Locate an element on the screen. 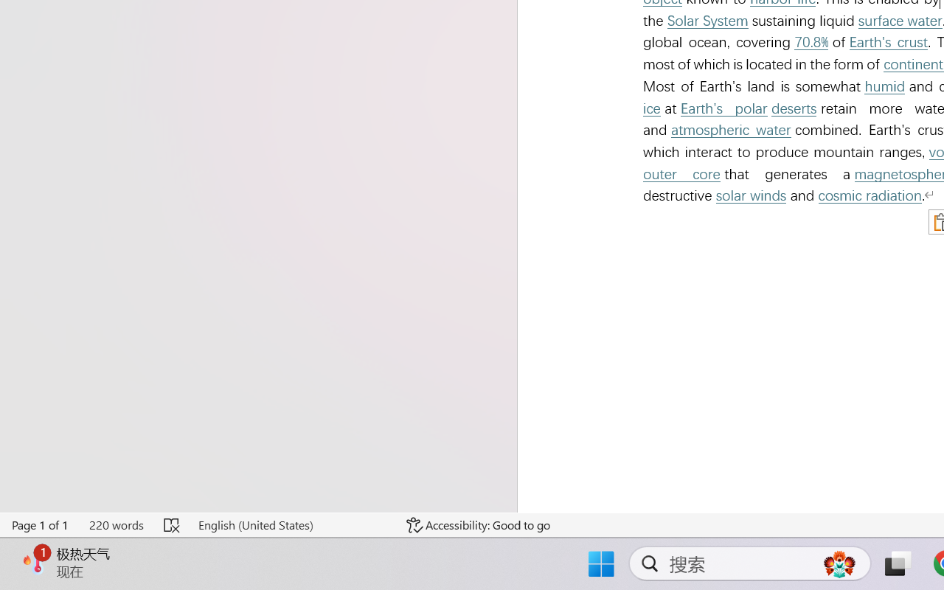 The height and width of the screenshot is (590, 944). 'surface water' is located at coordinates (899, 21).